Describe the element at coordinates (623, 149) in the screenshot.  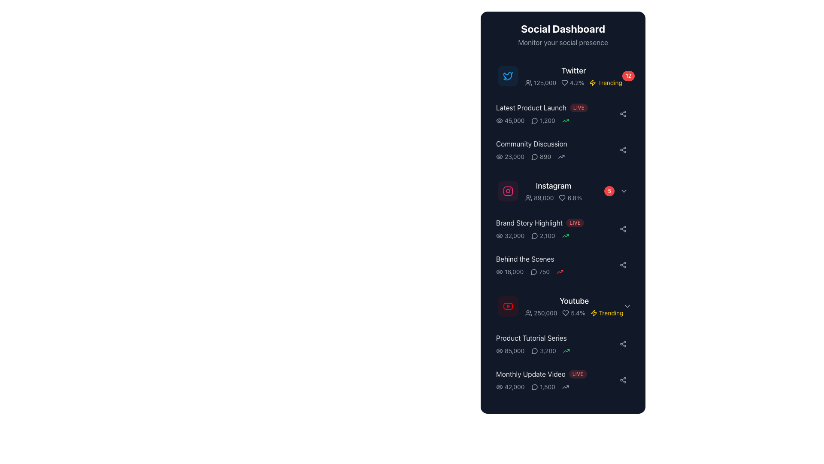
I see `the small gray sharing icon located to the far right of the 'Community Discussion' section in the social dashboard panel to observe a background color change` at that location.